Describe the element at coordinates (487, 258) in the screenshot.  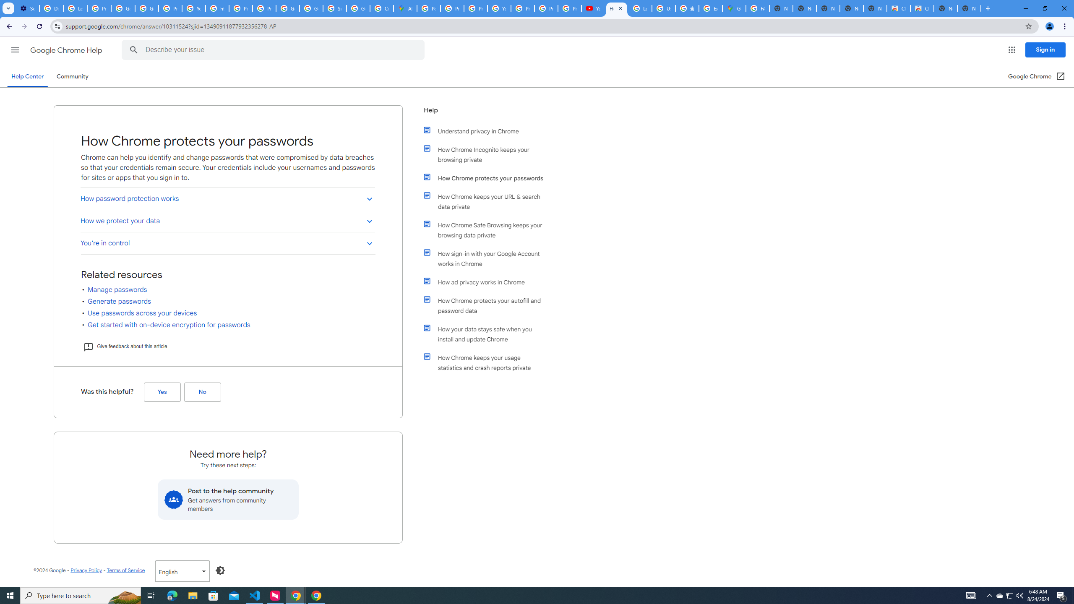
I see `'How sign-in with your Google Account works in Chrome'` at that location.